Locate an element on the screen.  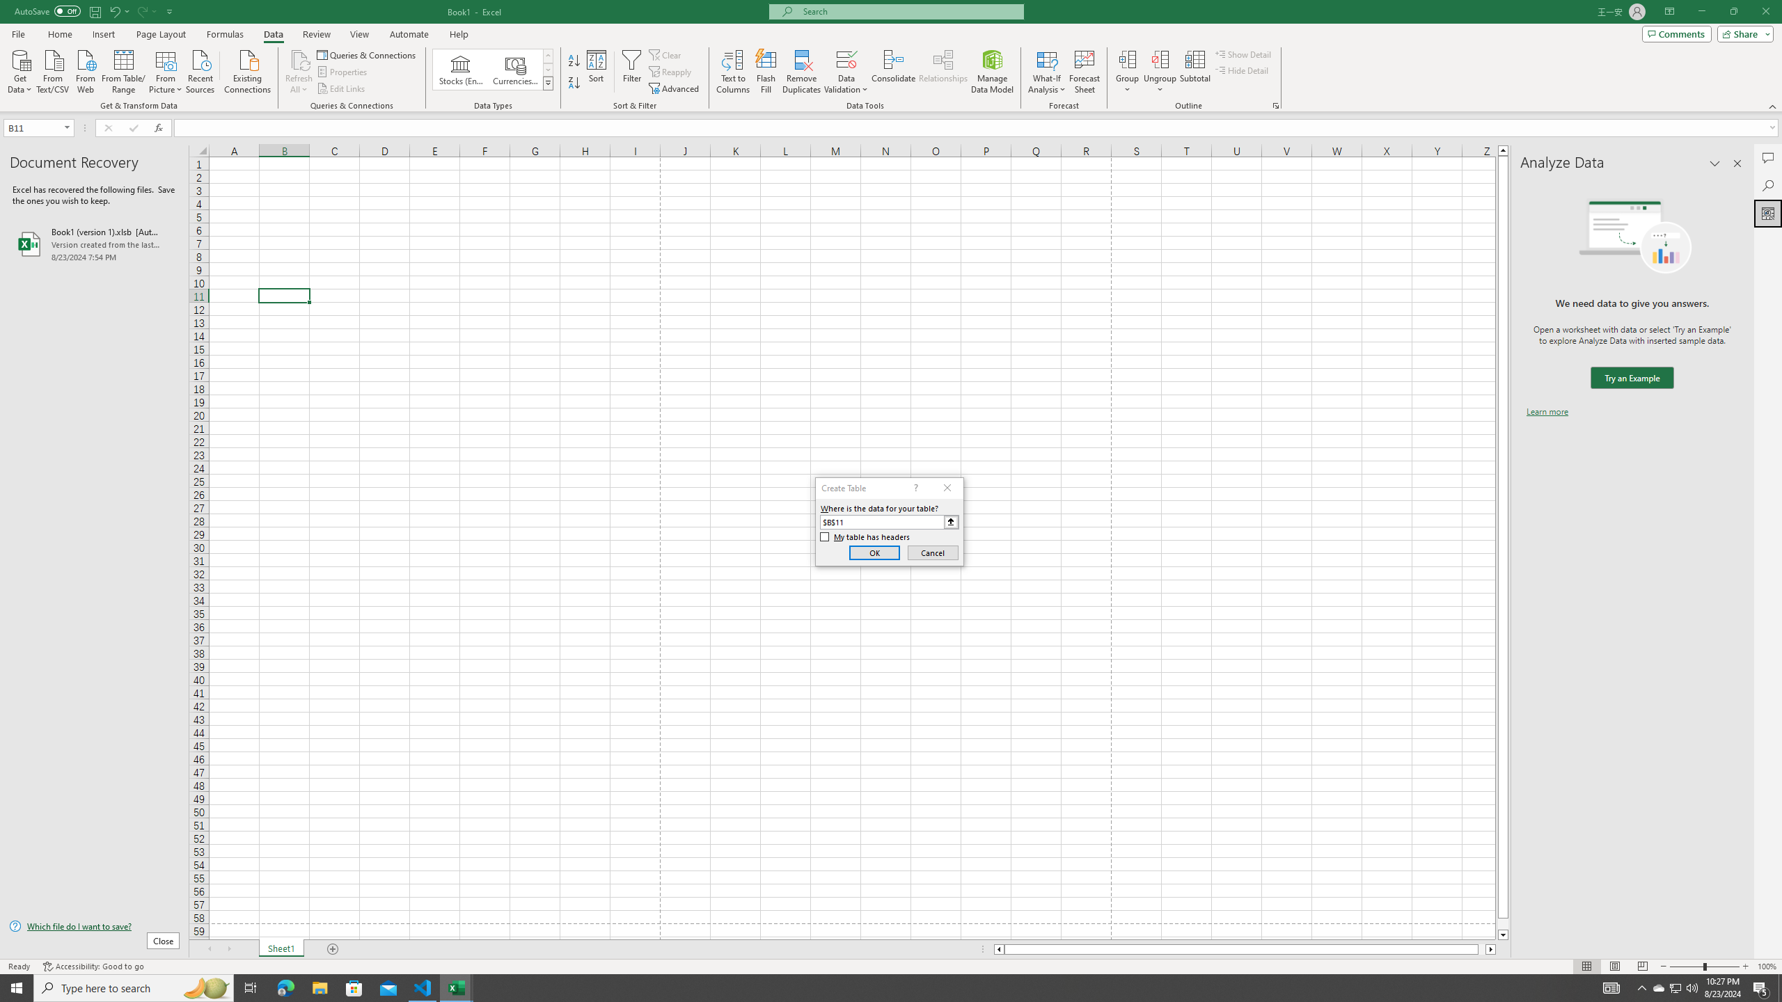
'Collapse the Ribbon' is located at coordinates (1773, 106).